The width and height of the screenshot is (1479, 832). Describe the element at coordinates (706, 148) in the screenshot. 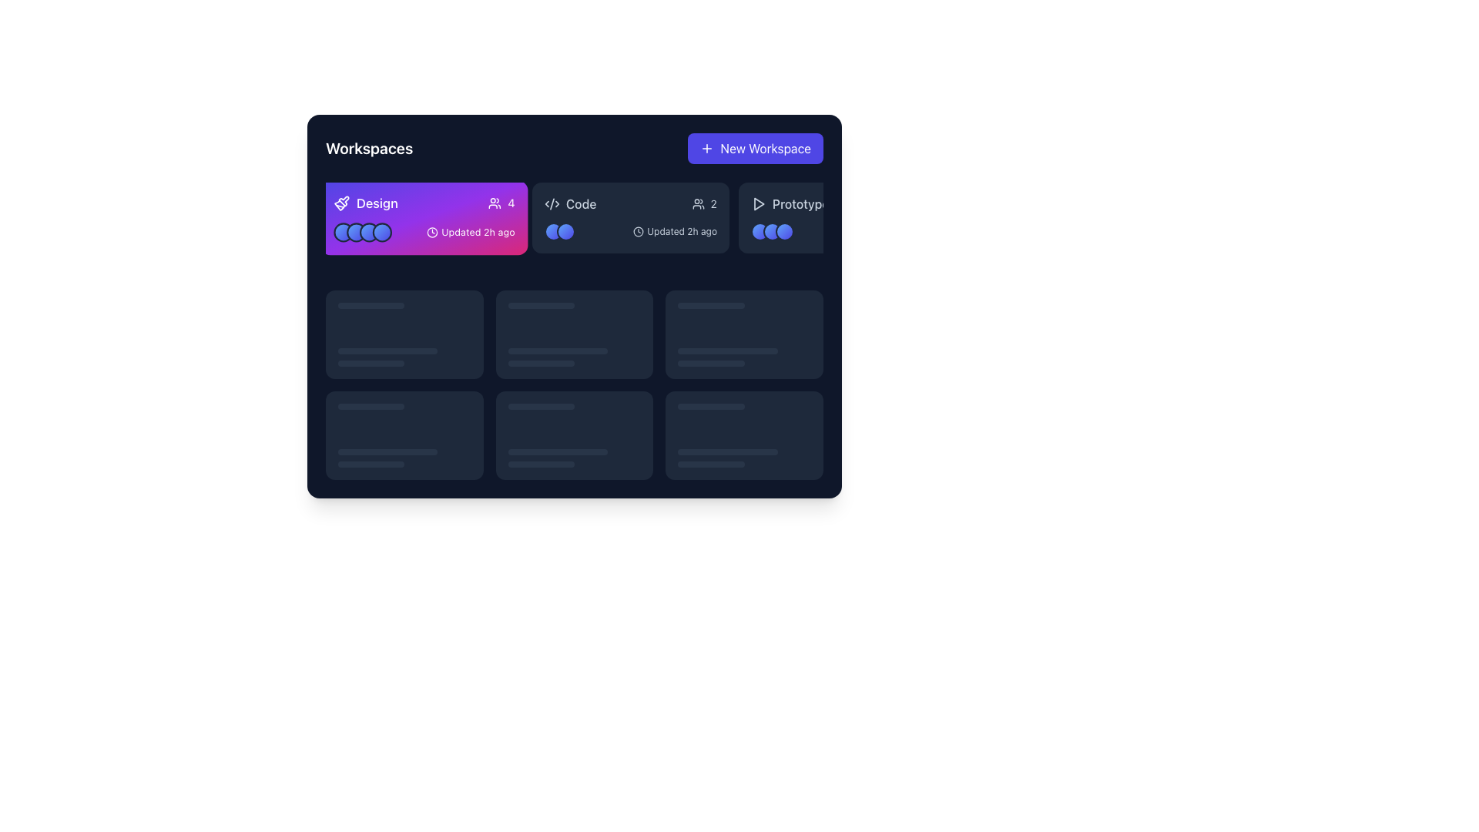

I see `the plus icon, which is a minimalist design with a plain outline on a blue background, located to the left of the 'New Workspace' button at the top-right corner of the layout` at that location.